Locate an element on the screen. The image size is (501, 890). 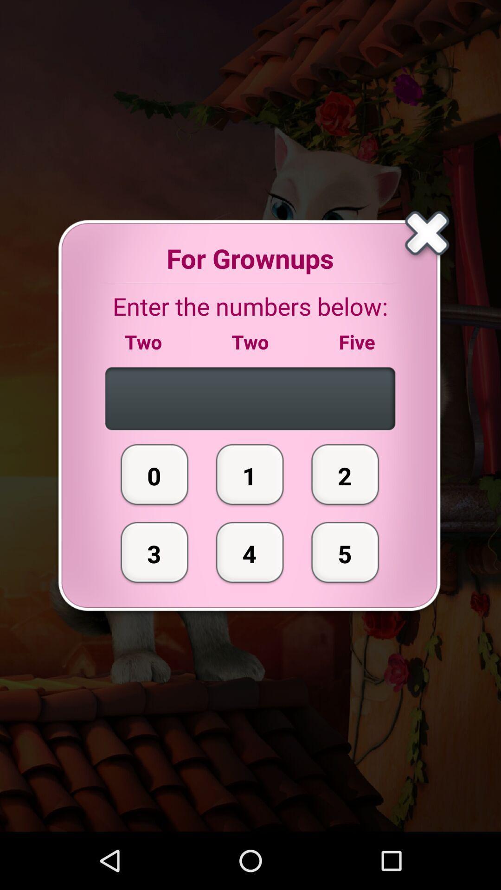
the button next to the 2 item is located at coordinates (250, 474).